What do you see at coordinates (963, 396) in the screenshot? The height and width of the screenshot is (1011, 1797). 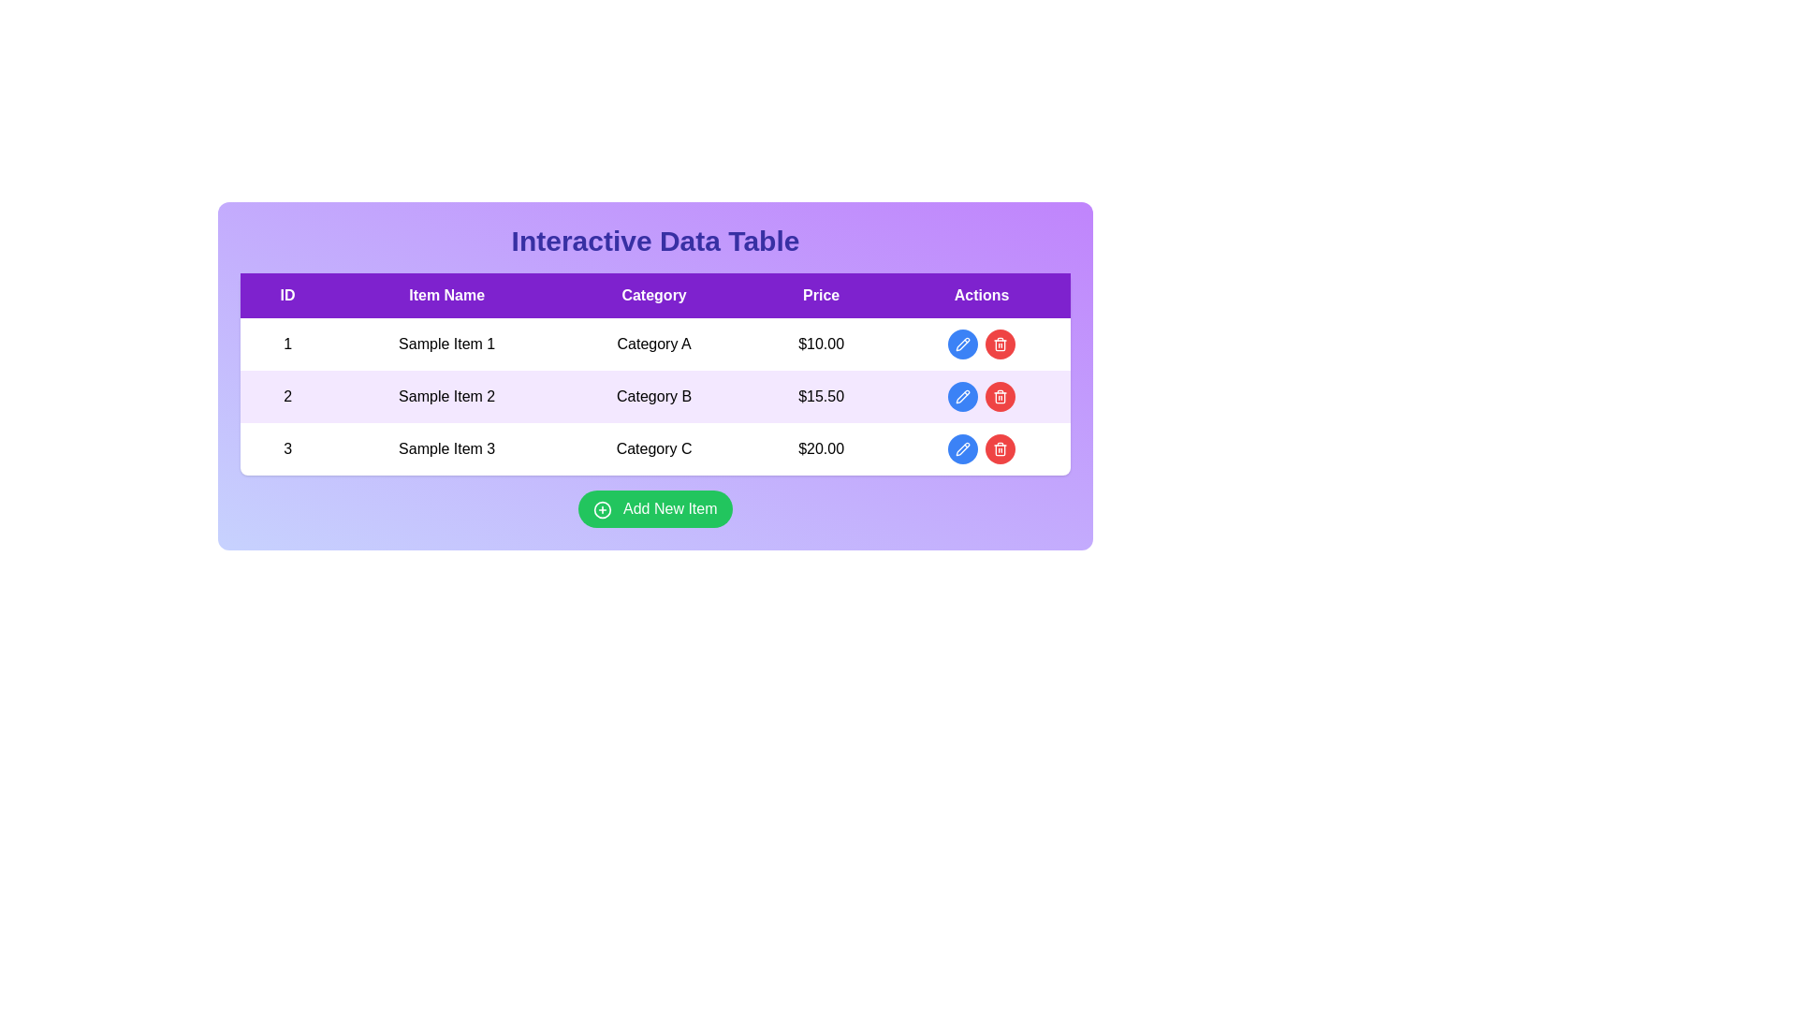 I see `the pencil icon representing the edit functionality in the Actions column of the second row in the interactive data table` at bounding box center [963, 396].